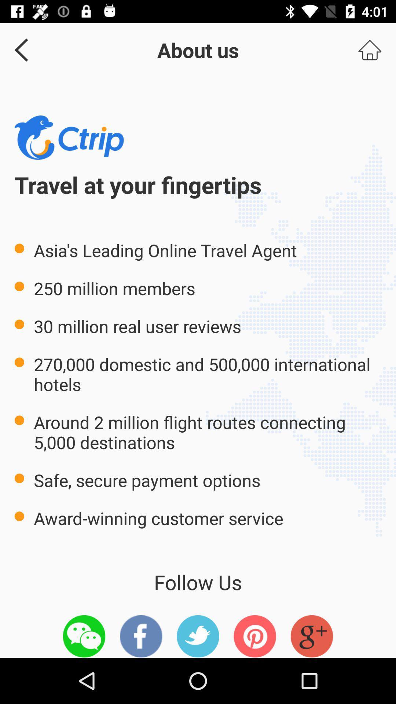  Describe the element at coordinates (84, 636) in the screenshot. I see `open messages` at that location.